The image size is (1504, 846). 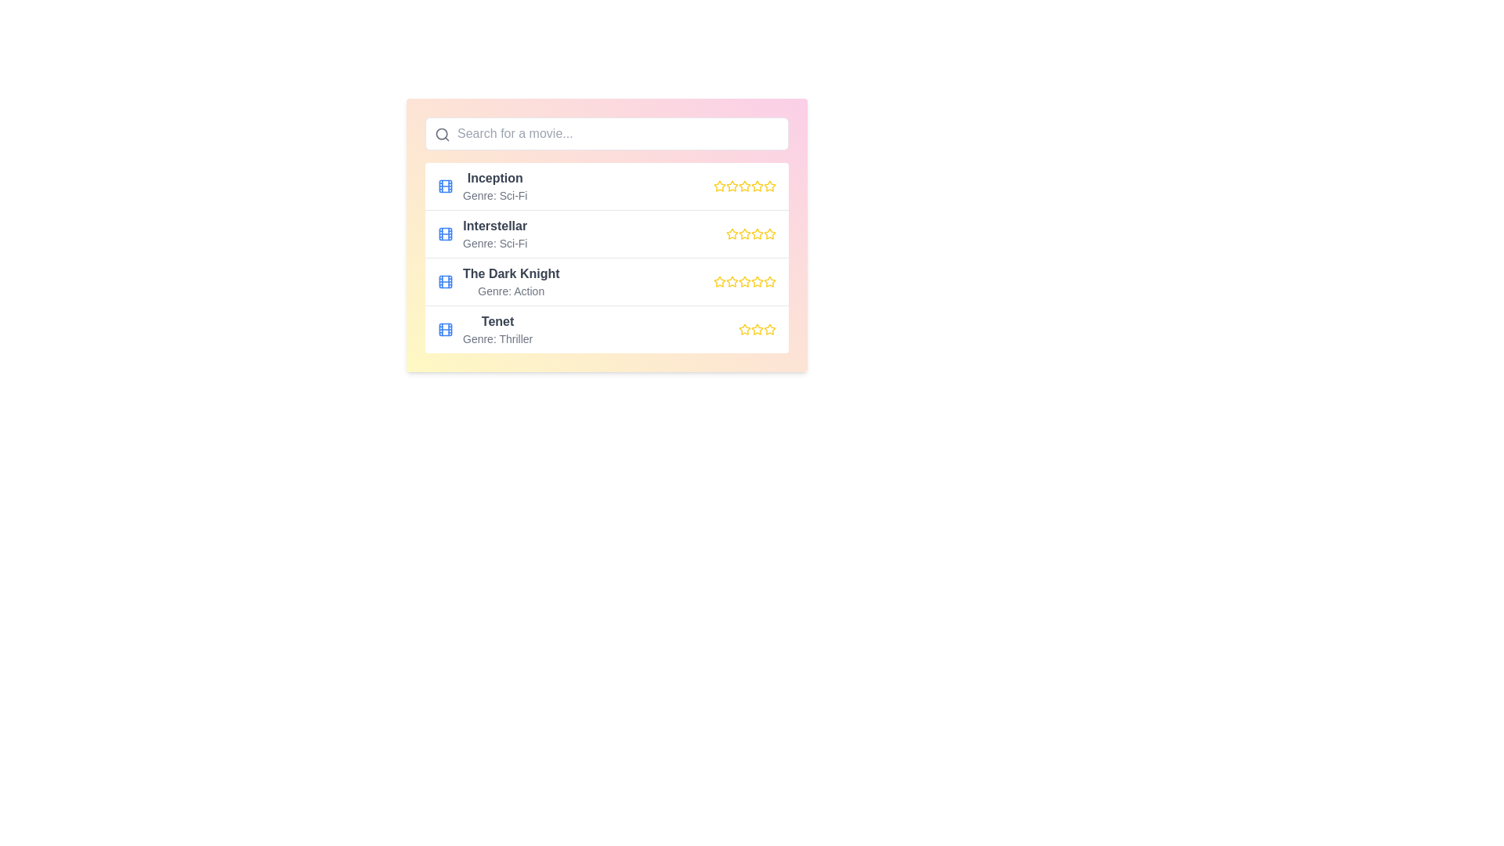 I want to click on the movie icon representing 'Interstellar', which is positioned as the leftmost element of the row preceding the text 'Interstellar' and the subtitle 'Genre: Sci-Fi', so click(x=445, y=234).